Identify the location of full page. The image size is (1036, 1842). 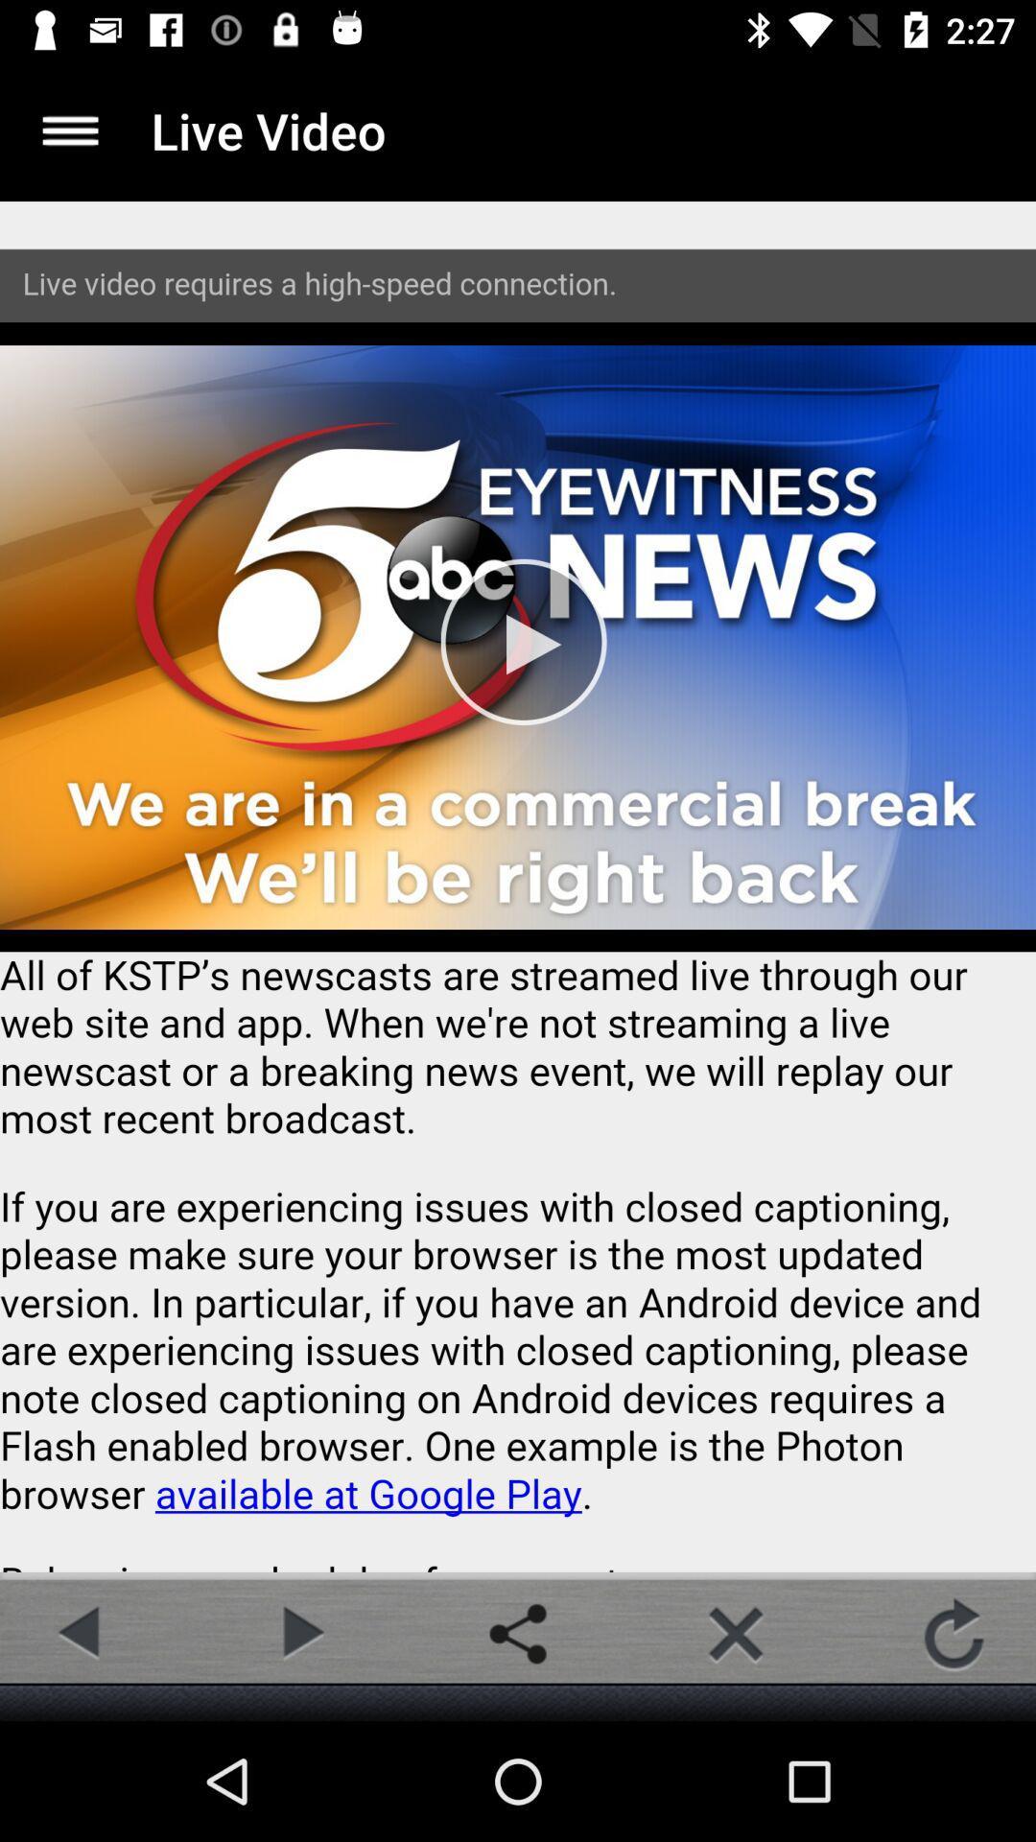
(518, 886).